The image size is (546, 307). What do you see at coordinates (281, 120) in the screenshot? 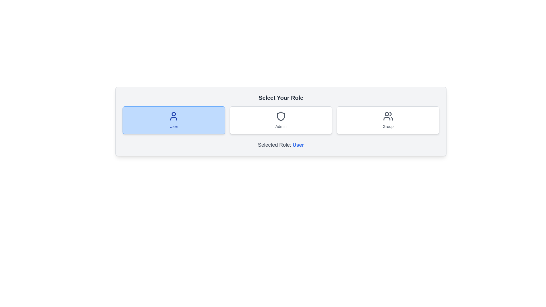
I see `the role Admin by clicking on its corresponding button` at bounding box center [281, 120].